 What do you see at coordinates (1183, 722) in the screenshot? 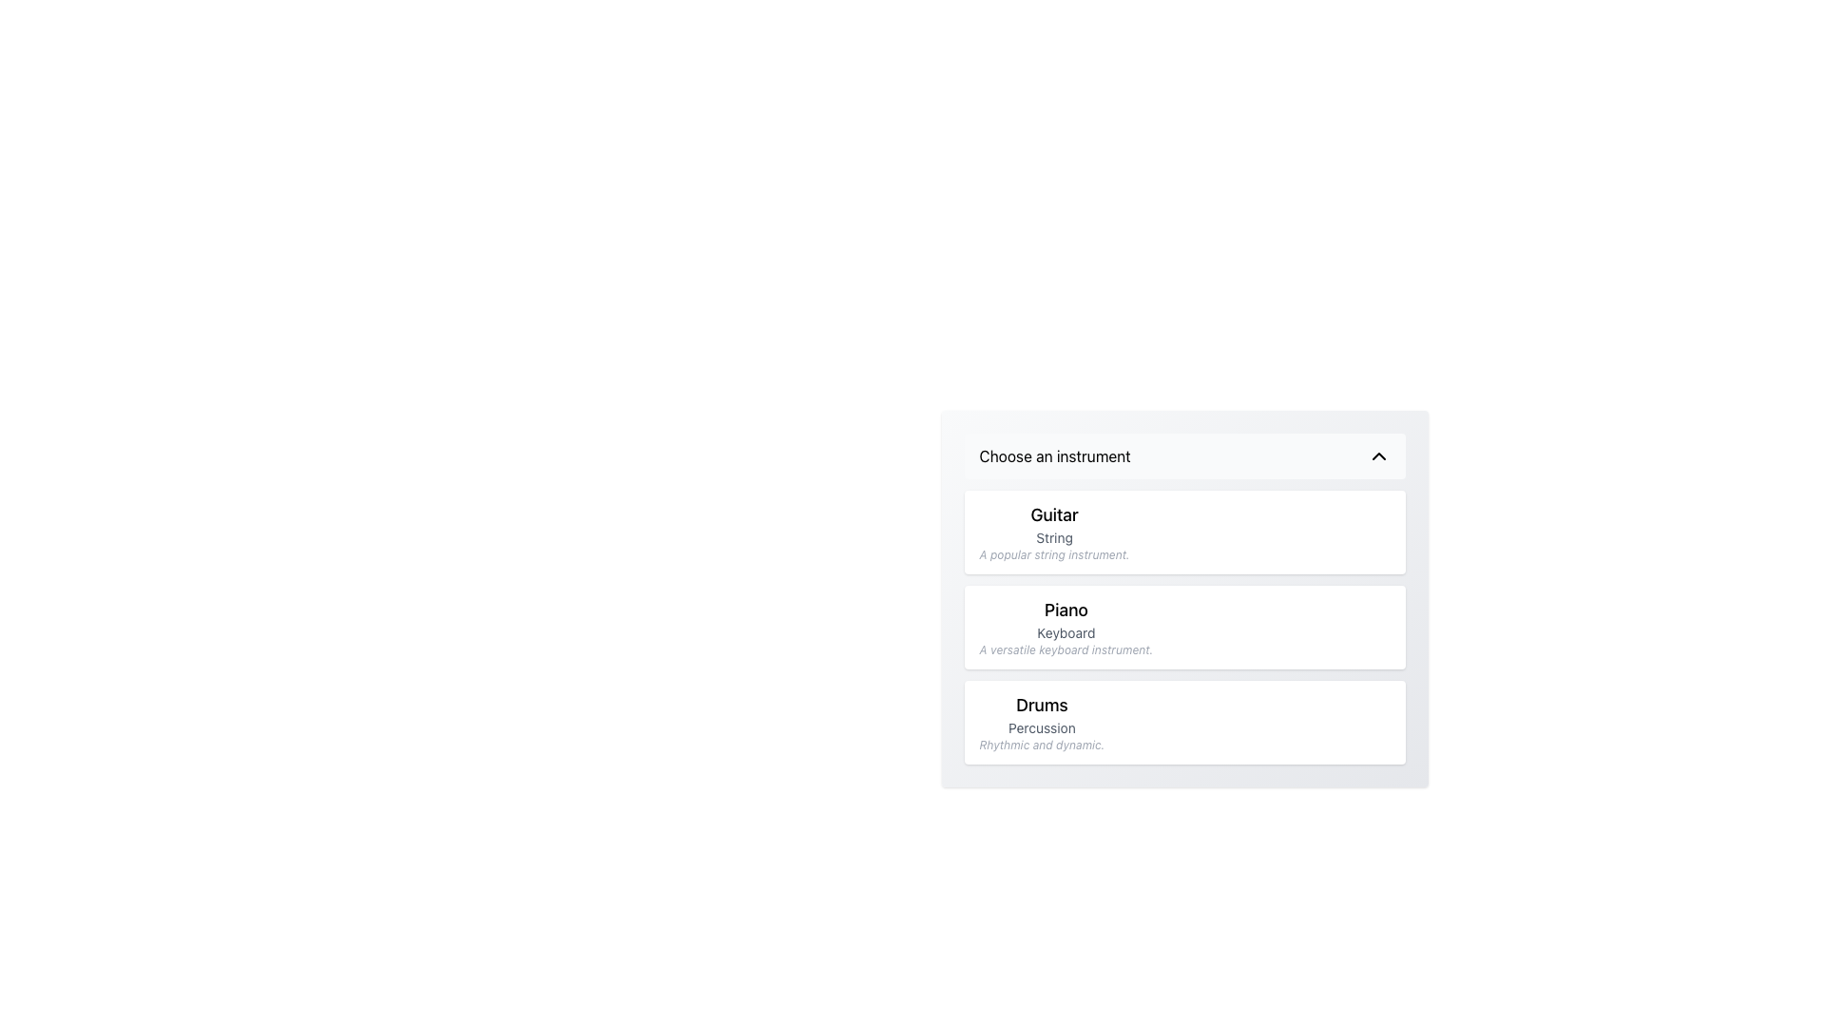
I see `the third list item with a white background that includes 'Drums' in bold, 'Percussion' in gray, and 'Rhythmic and dynamic.' in italic, which is located below the 'Piano' item` at bounding box center [1183, 722].